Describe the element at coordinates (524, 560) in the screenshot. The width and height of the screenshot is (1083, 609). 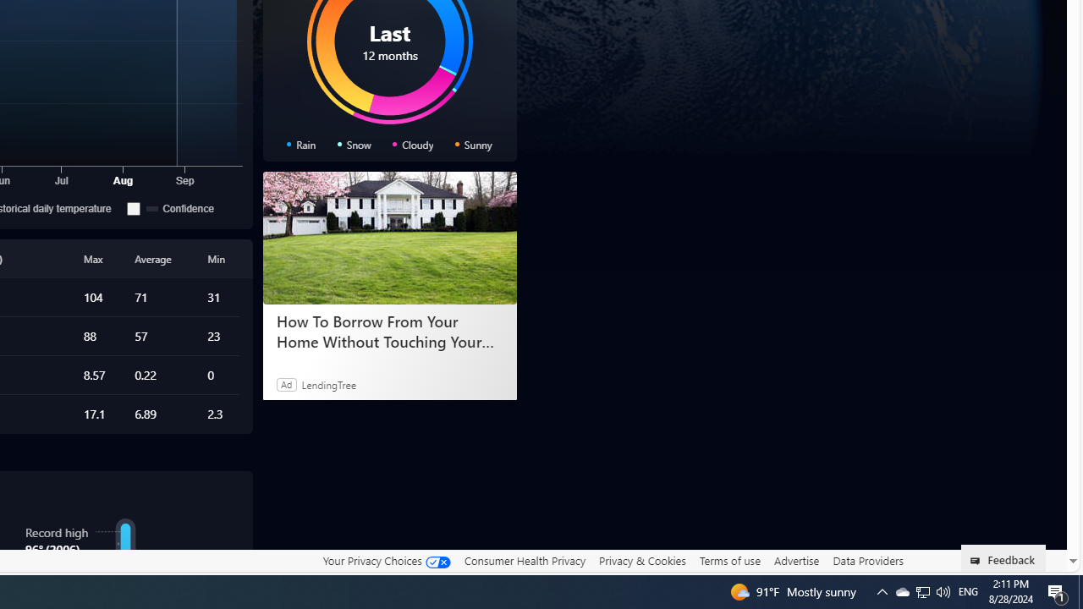
I see `'Consumer Health Privacy'` at that location.